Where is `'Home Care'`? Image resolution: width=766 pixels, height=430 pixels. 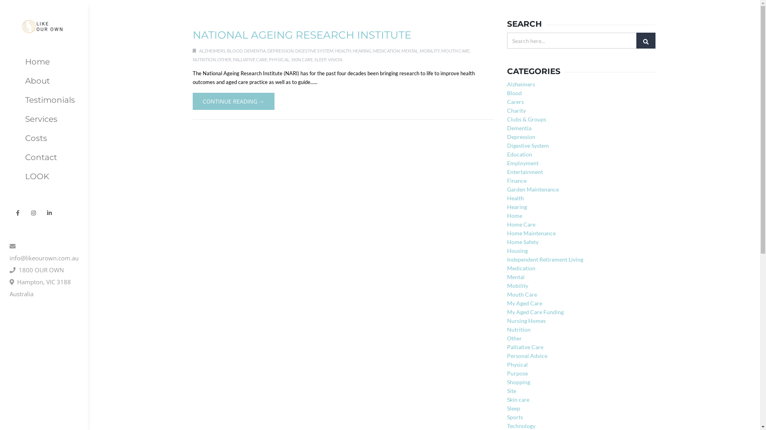 'Home Care' is located at coordinates (521, 224).